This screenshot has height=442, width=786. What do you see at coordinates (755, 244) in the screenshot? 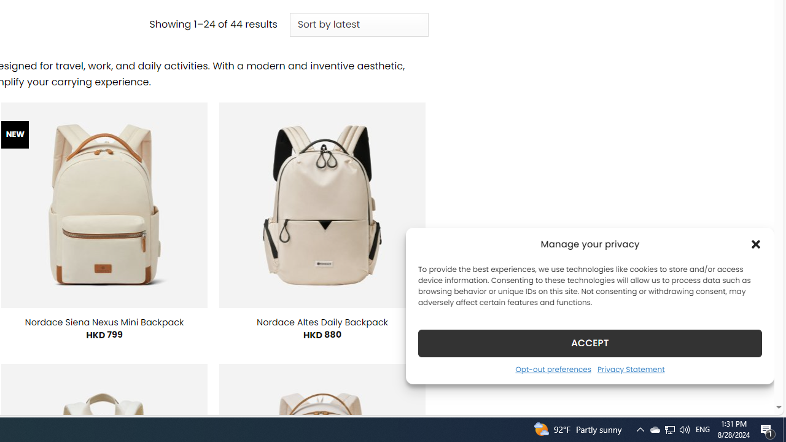
I see `'Class: cmplz-close'` at bounding box center [755, 244].